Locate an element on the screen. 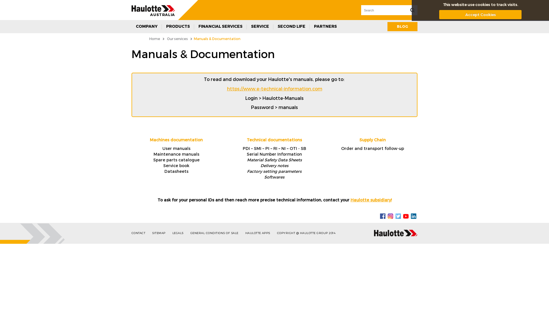  'Our services' is located at coordinates (177, 39).